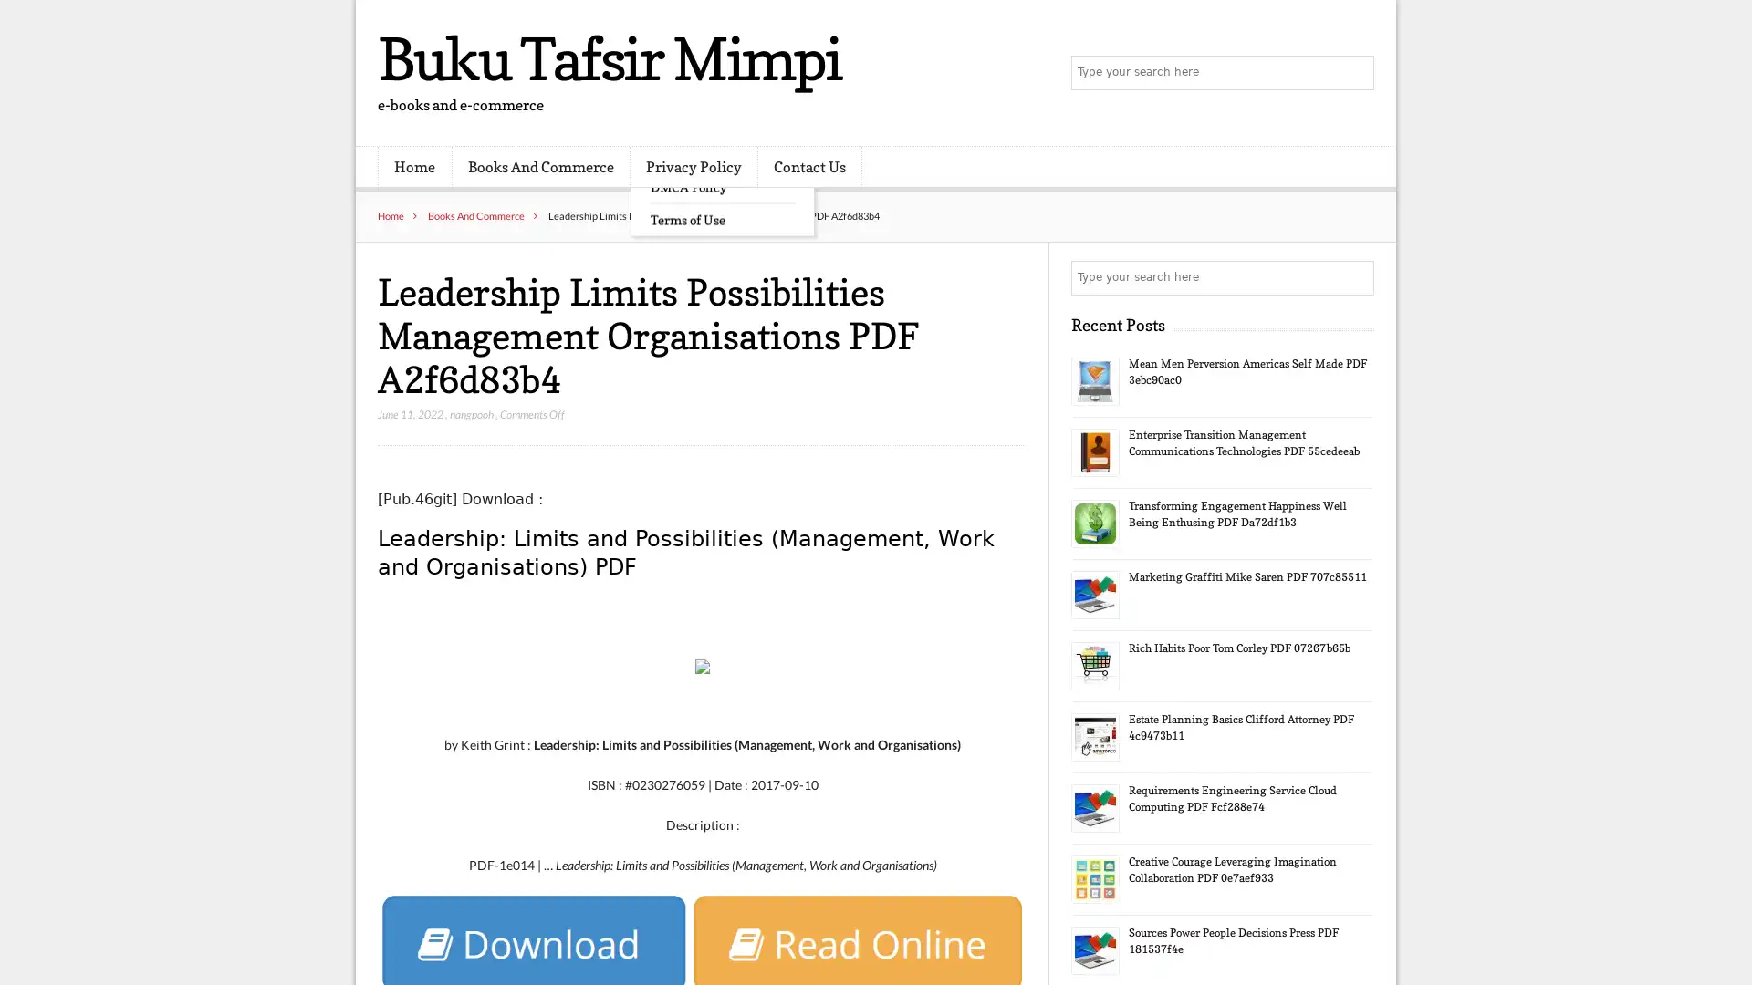  I want to click on Search, so click(1355, 73).